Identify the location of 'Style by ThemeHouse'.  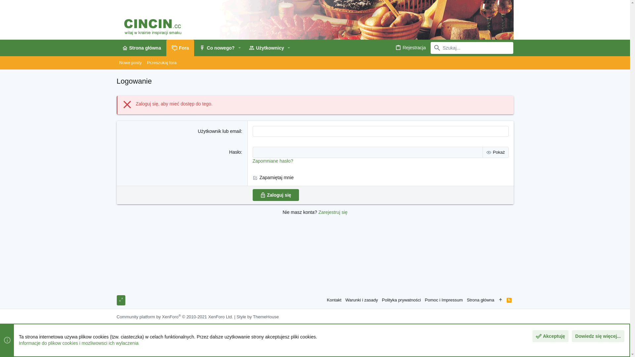
(257, 316).